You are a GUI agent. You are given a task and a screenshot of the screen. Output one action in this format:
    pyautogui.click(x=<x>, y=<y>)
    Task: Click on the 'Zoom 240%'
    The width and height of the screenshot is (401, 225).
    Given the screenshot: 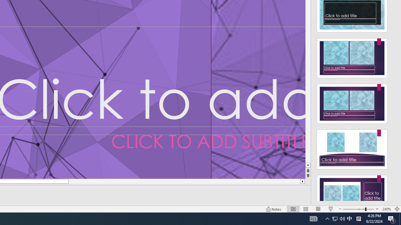 What is the action you would take?
    pyautogui.click(x=386, y=209)
    